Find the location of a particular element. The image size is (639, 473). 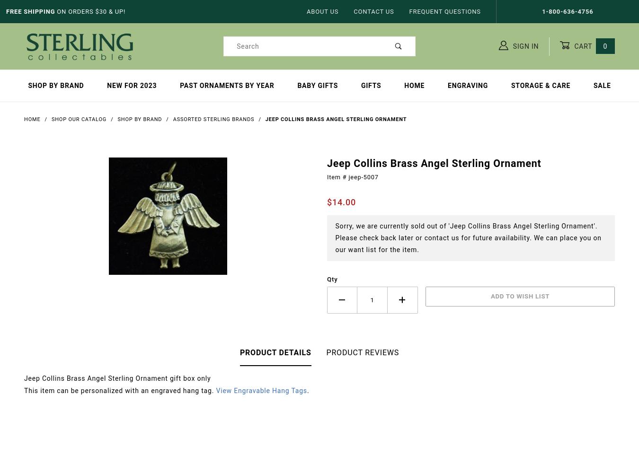

'Purchase Jeep Collins Brass Angel Sterling Ornament' is located at coordinates (344, 204).